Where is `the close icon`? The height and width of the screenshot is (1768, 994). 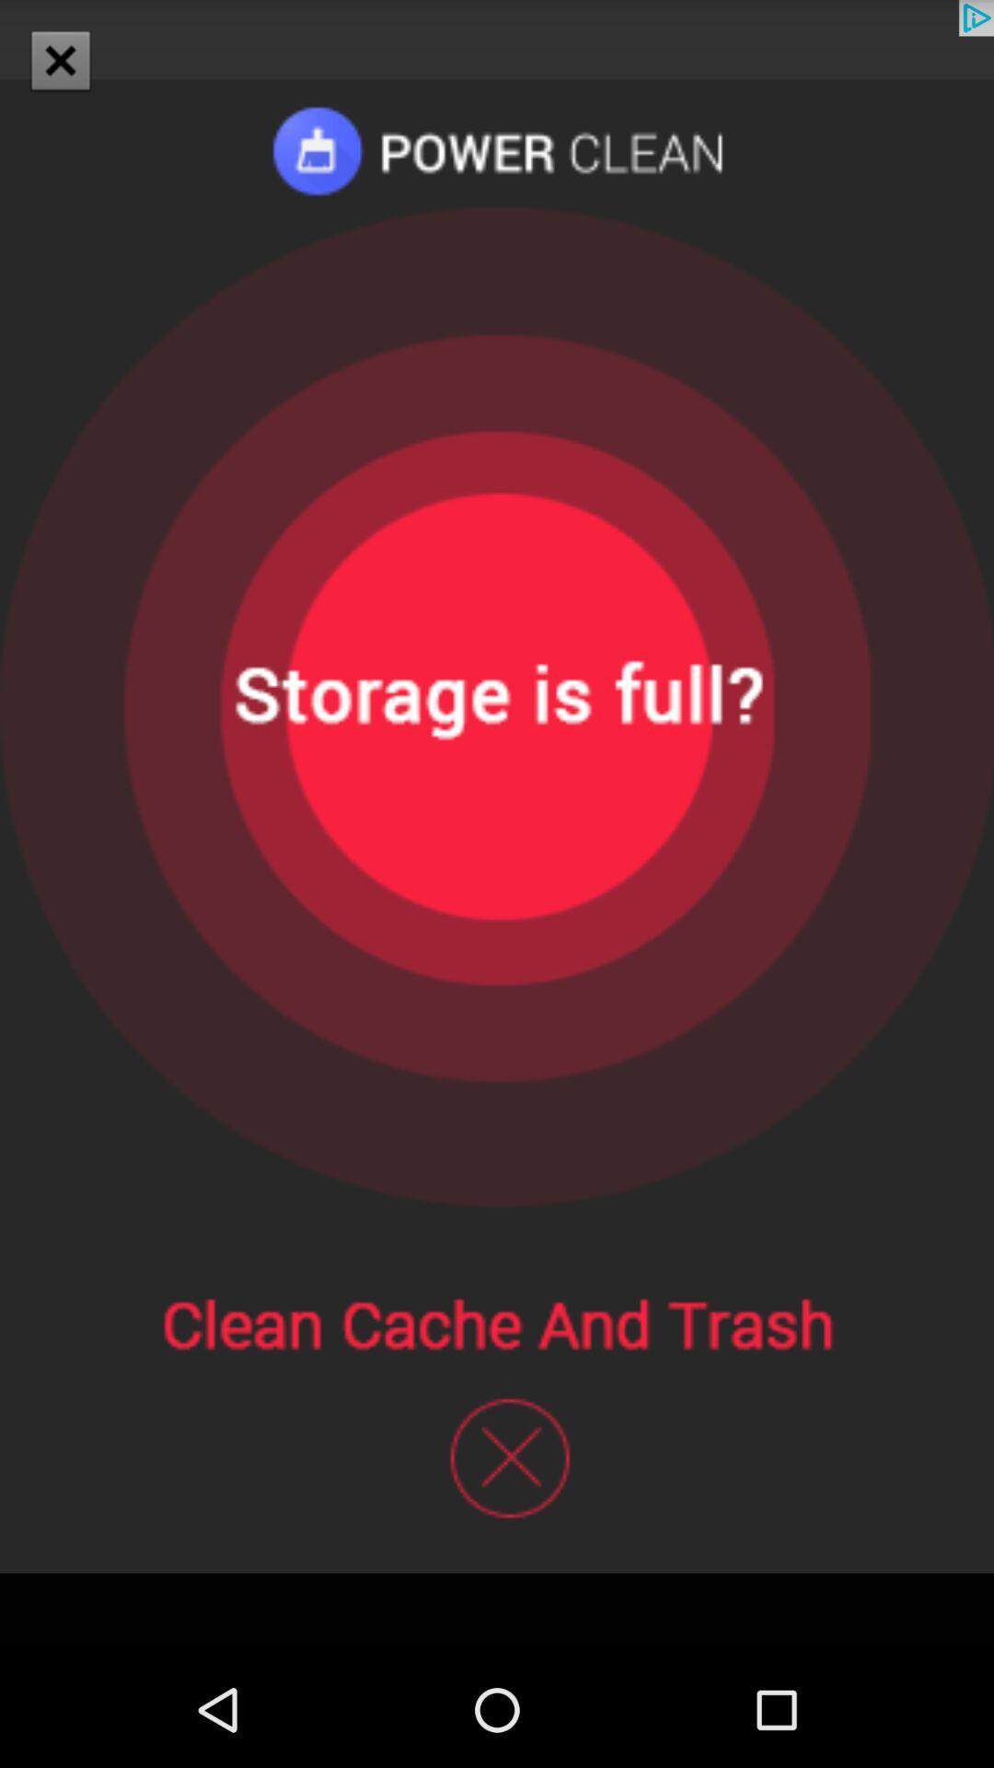 the close icon is located at coordinates (59, 64).